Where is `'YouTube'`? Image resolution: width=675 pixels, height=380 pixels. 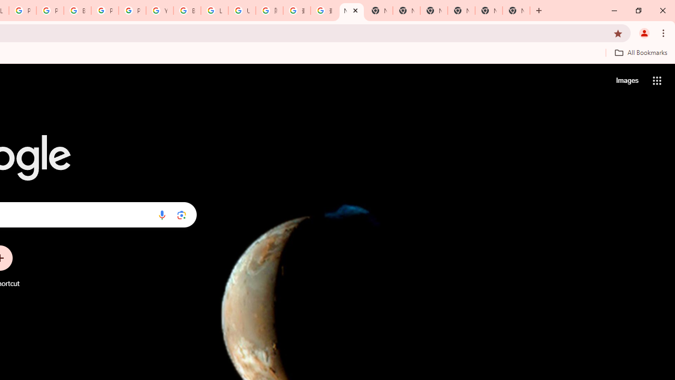 'YouTube' is located at coordinates (159, 11).